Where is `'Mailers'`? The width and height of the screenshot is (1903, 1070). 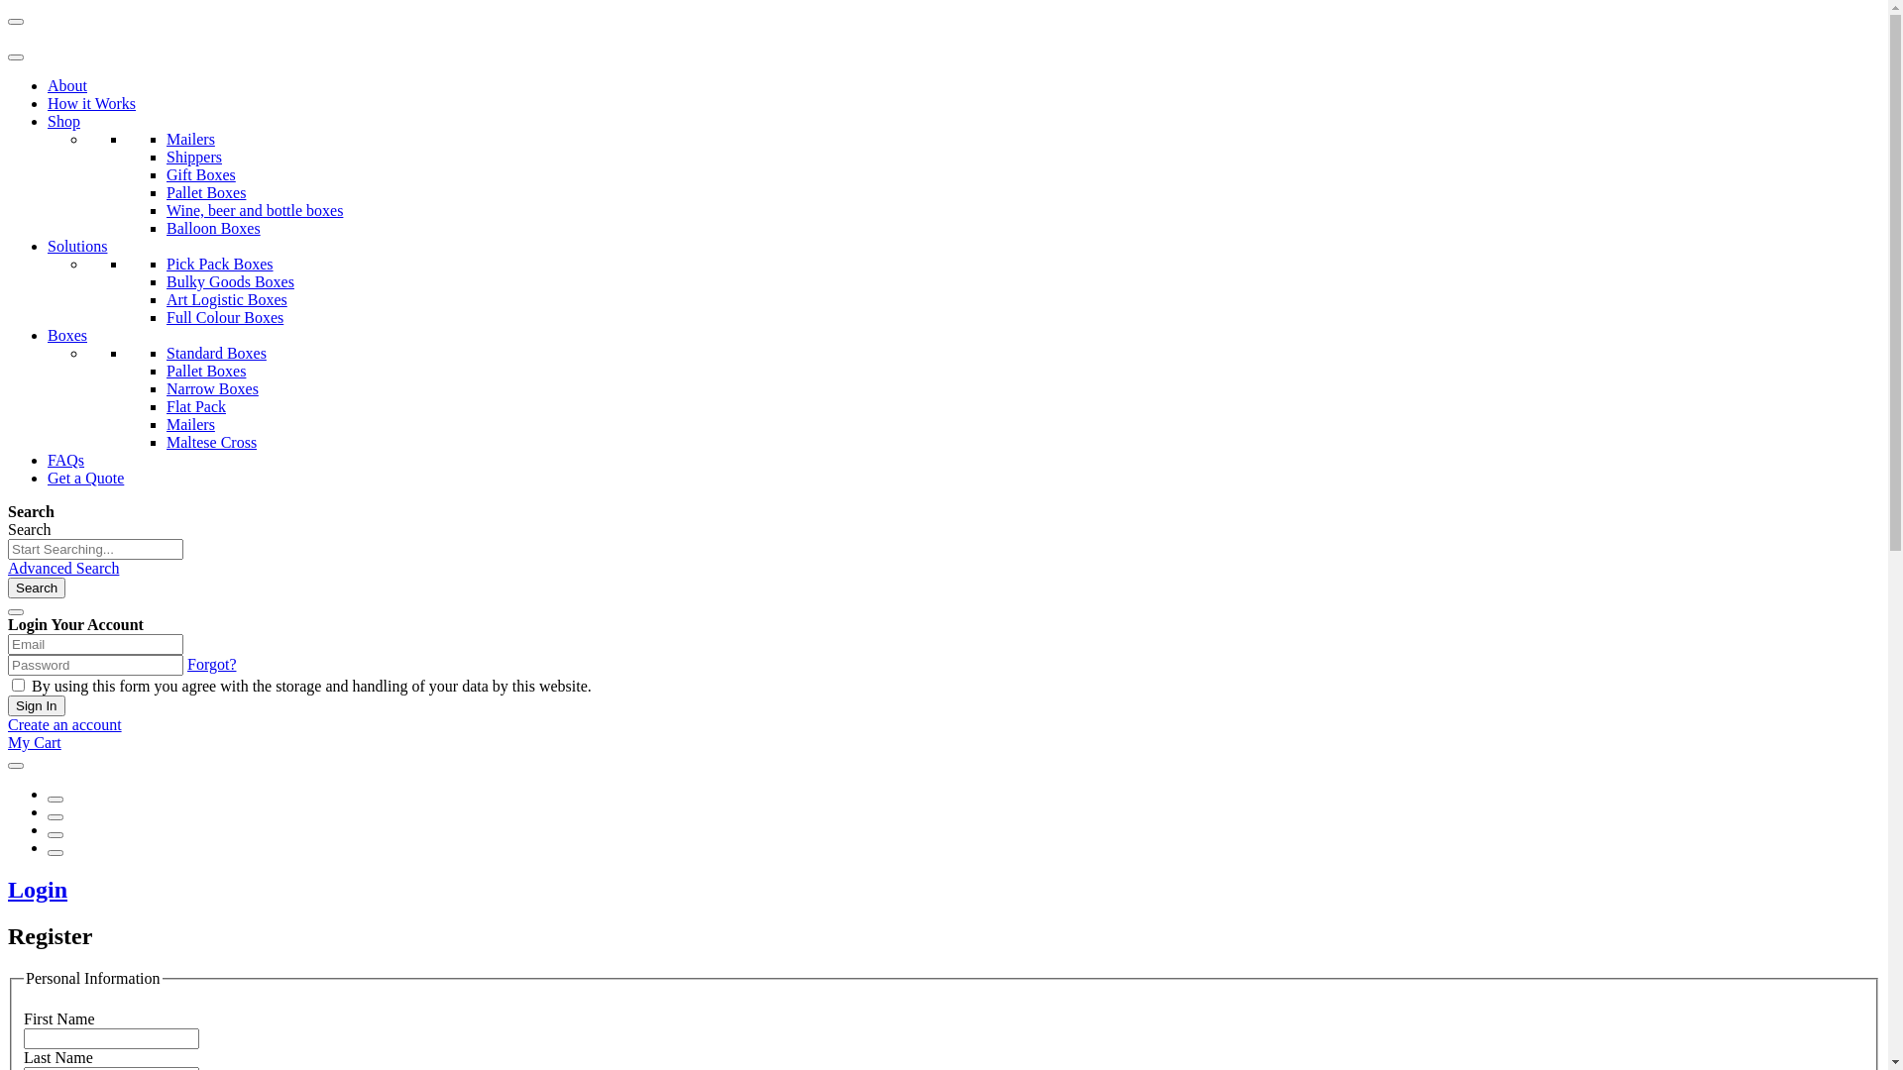 'Mailers' is located at coordinates (167, 423).